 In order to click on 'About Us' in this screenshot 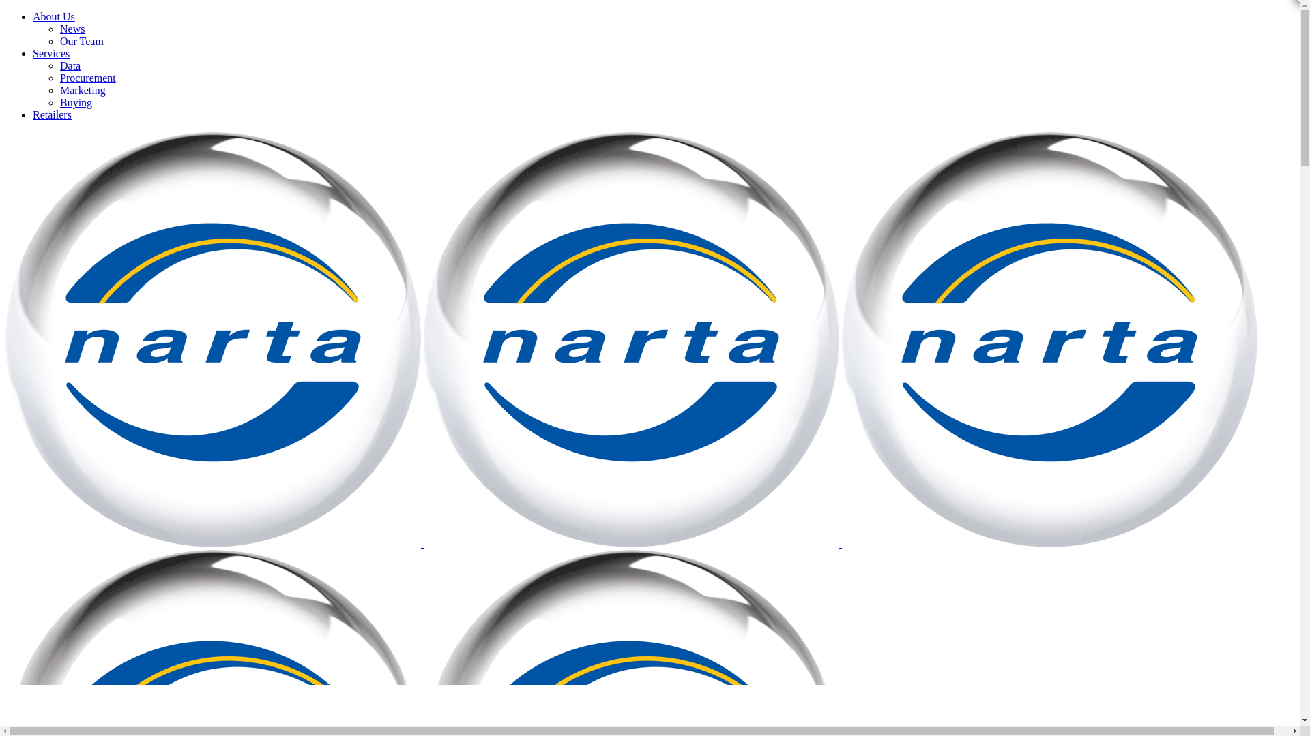, I will do `click(53, 16)`.